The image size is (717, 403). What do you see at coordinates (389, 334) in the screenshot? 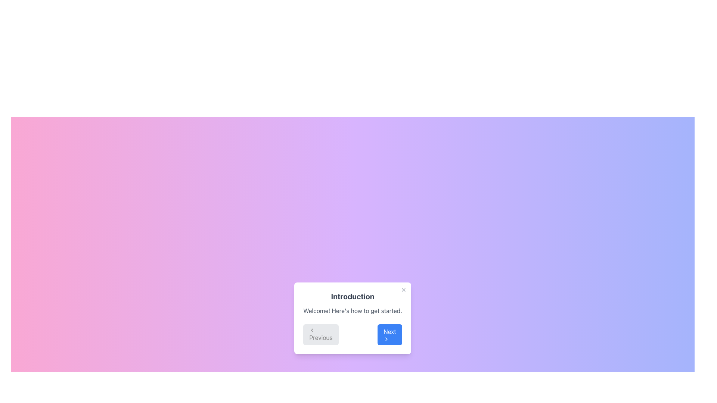
I see `the navigation button located at the bottom right of the card-like dialog` at bounding box center [389, 334].